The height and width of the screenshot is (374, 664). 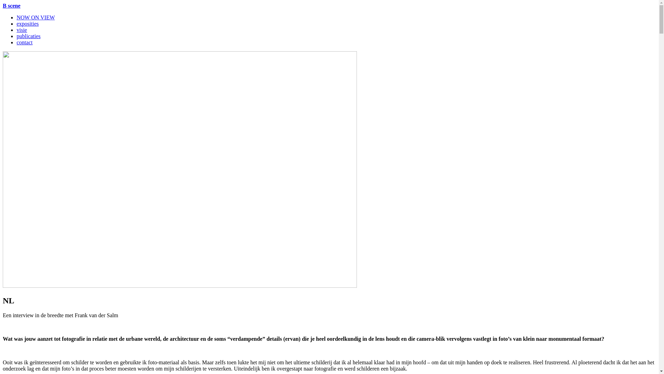 I want to click on 'B scene', so click(x=3, y=6).